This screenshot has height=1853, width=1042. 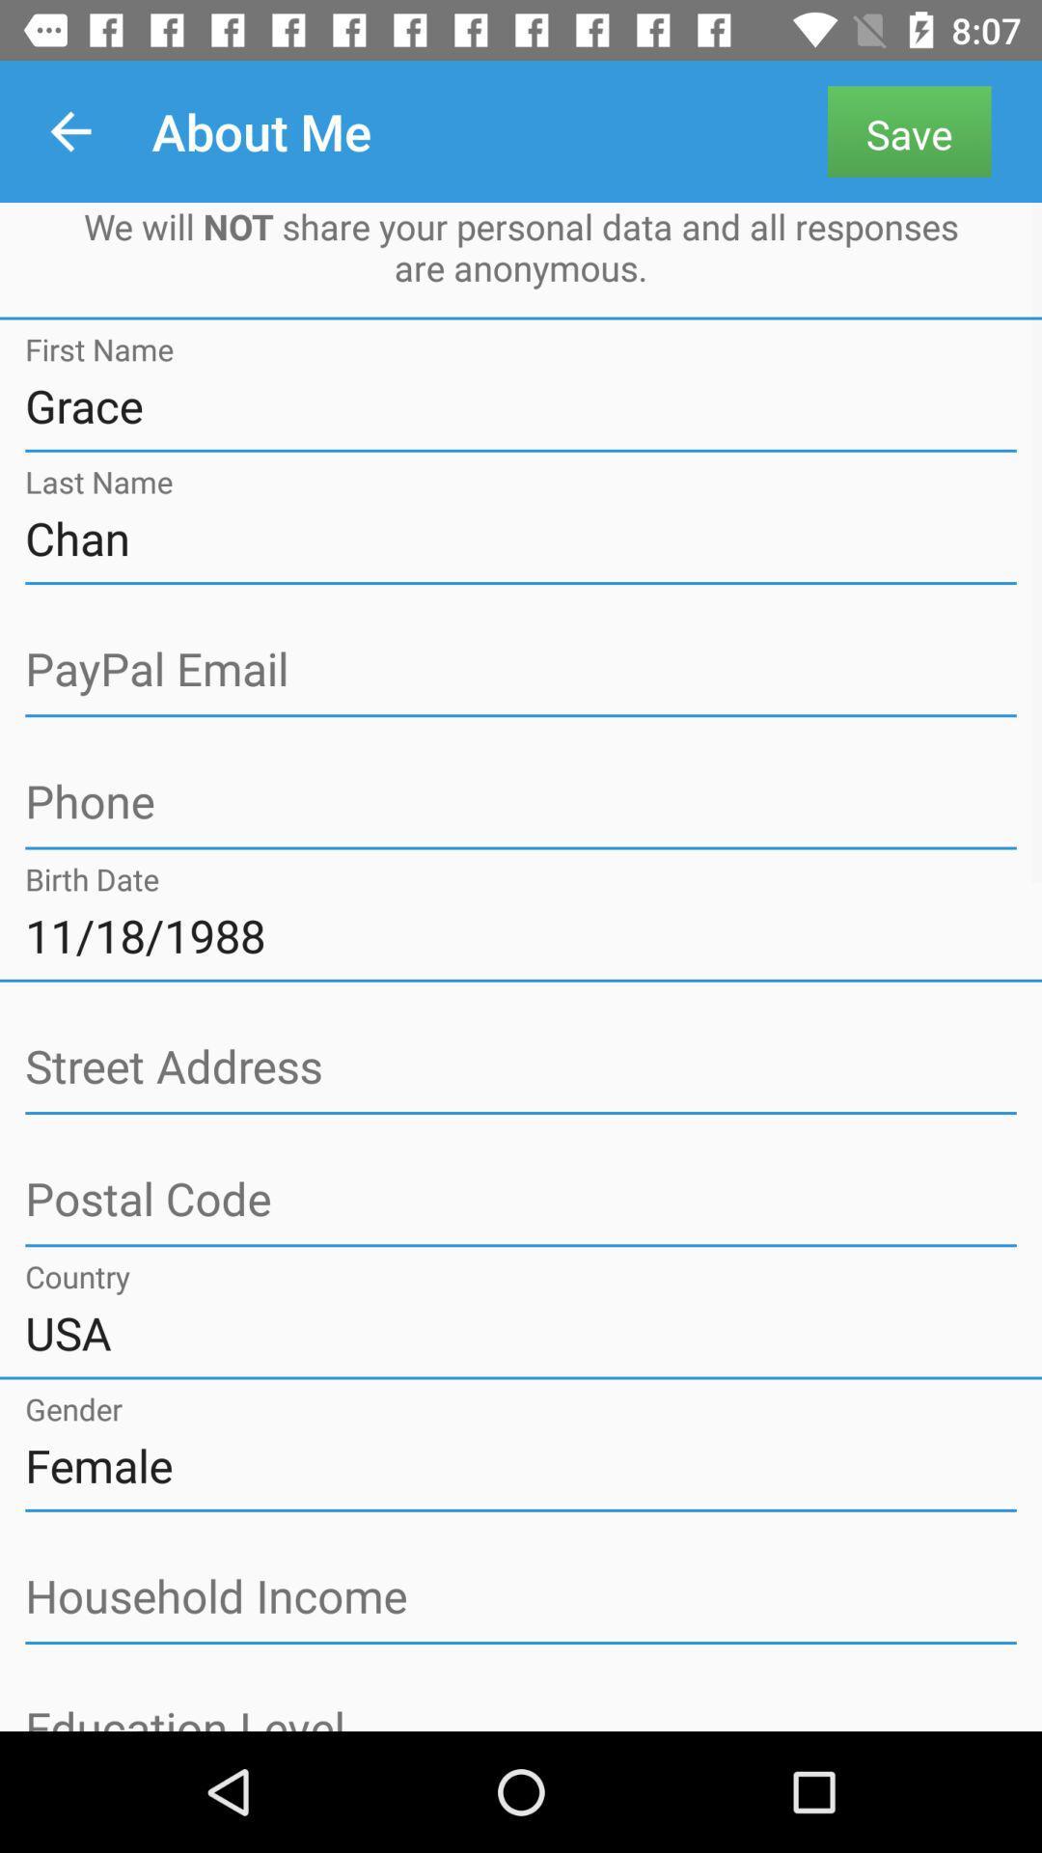 I want to click on postal code, so click(x=521, y=1199).